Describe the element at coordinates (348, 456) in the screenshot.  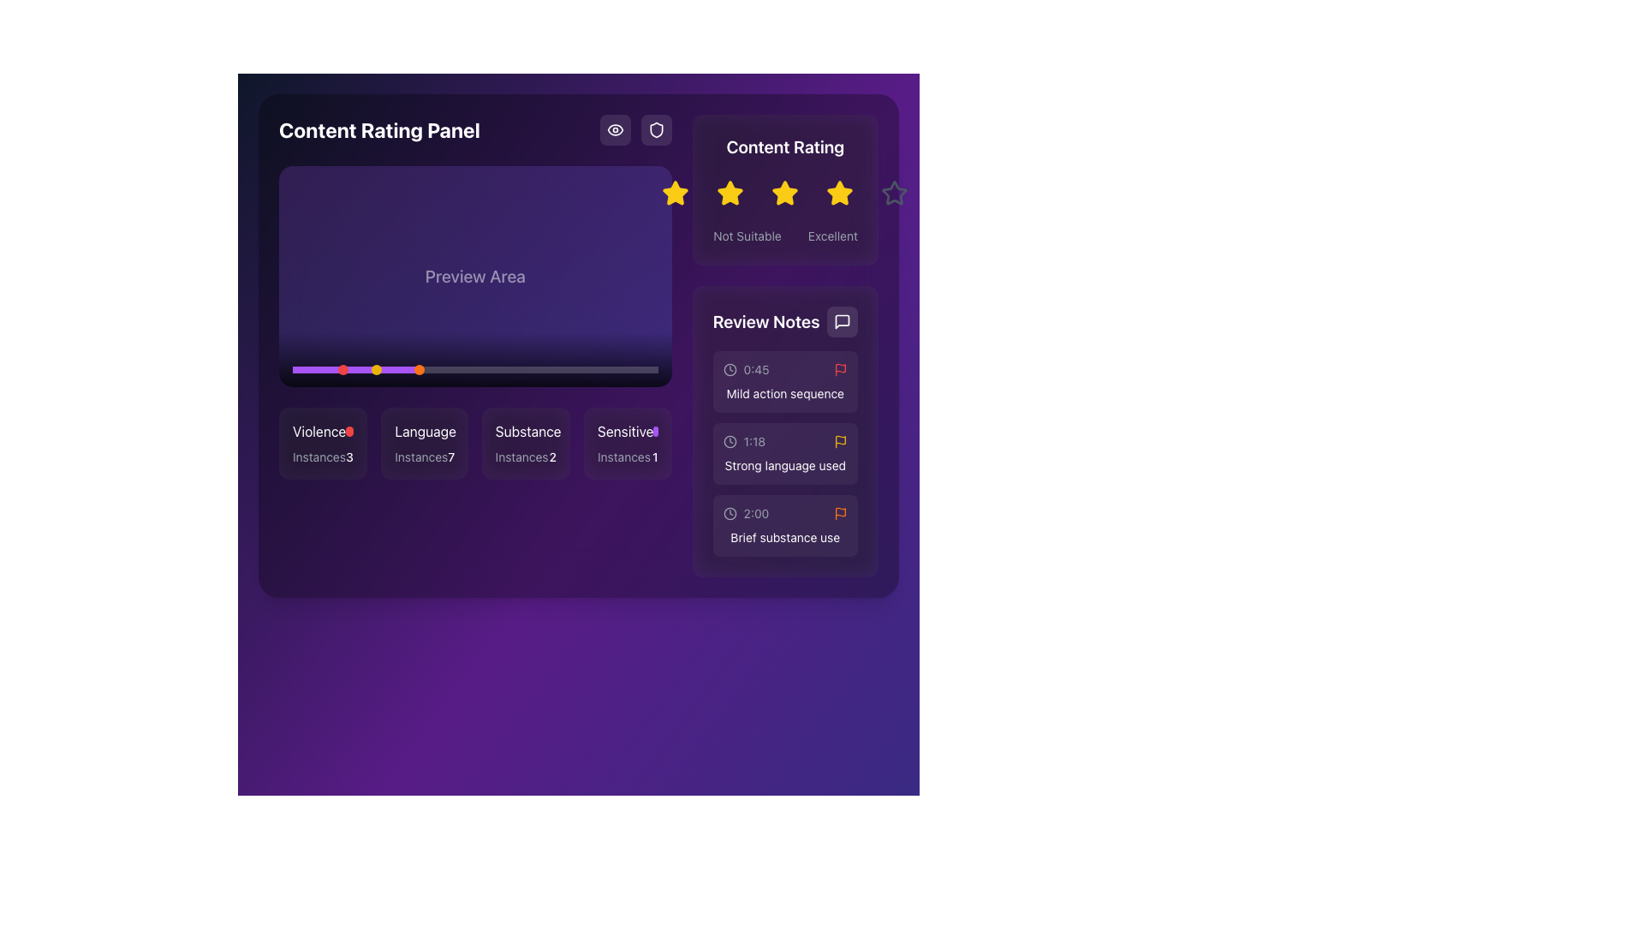
I see `the Text label that displays the count of instances related to 'Violence'` at that location.